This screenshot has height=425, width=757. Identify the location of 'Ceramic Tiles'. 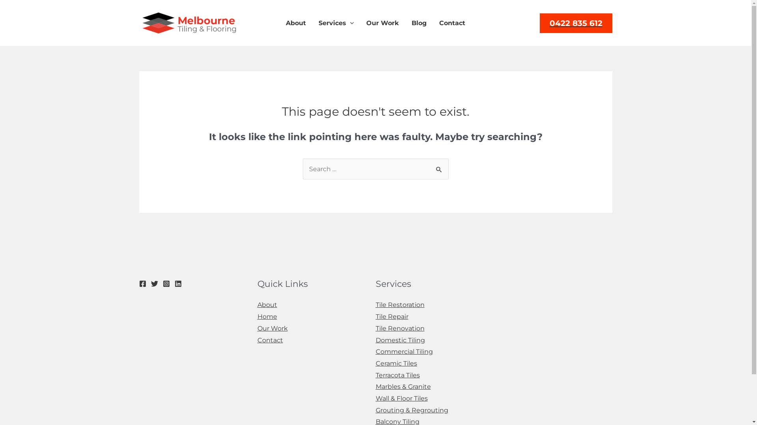
(396, 363).